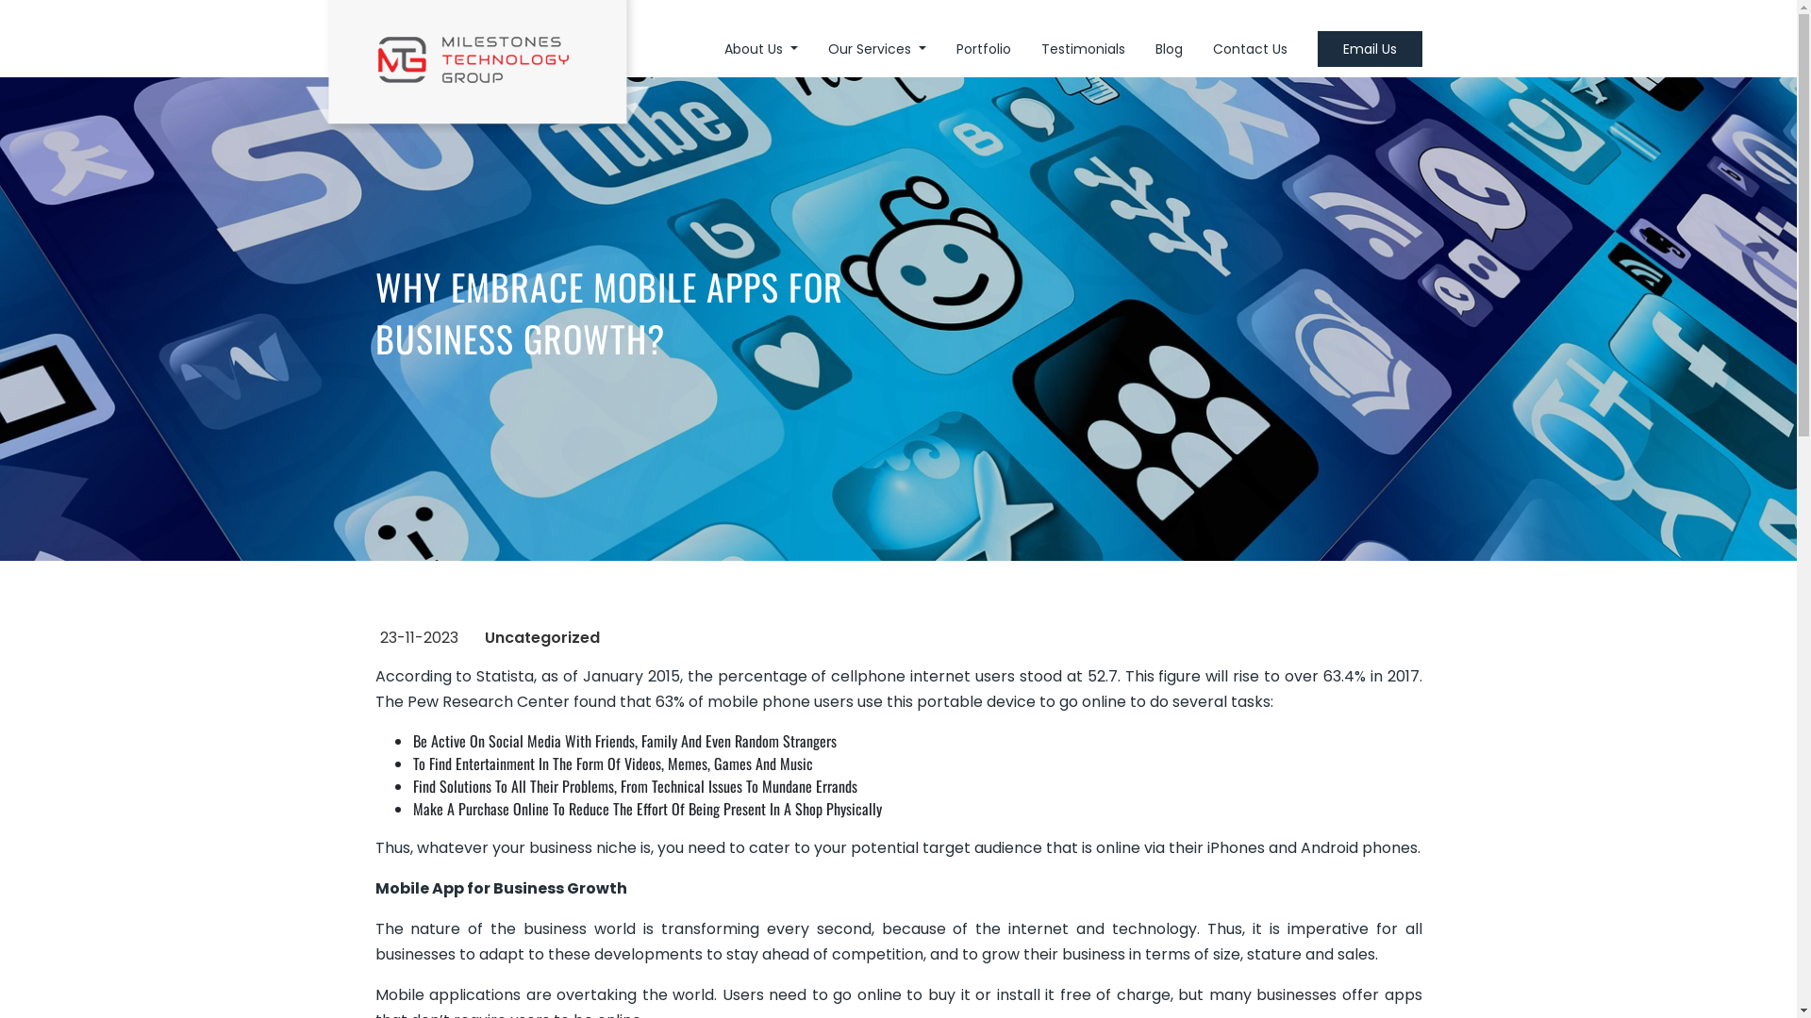 The height and width of the screenshot is (1018, 1811). I want to click on 'Testimonials', so click(1083, 47).